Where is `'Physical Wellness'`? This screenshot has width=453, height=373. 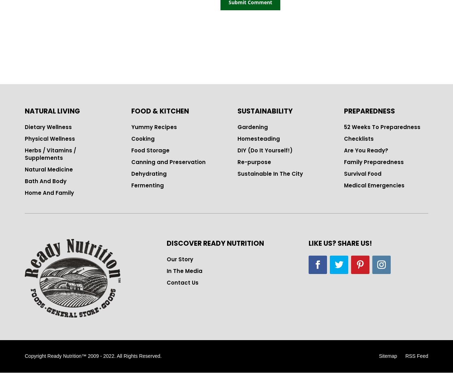
'Physical Wellness' is located at coordinates (50, 139).